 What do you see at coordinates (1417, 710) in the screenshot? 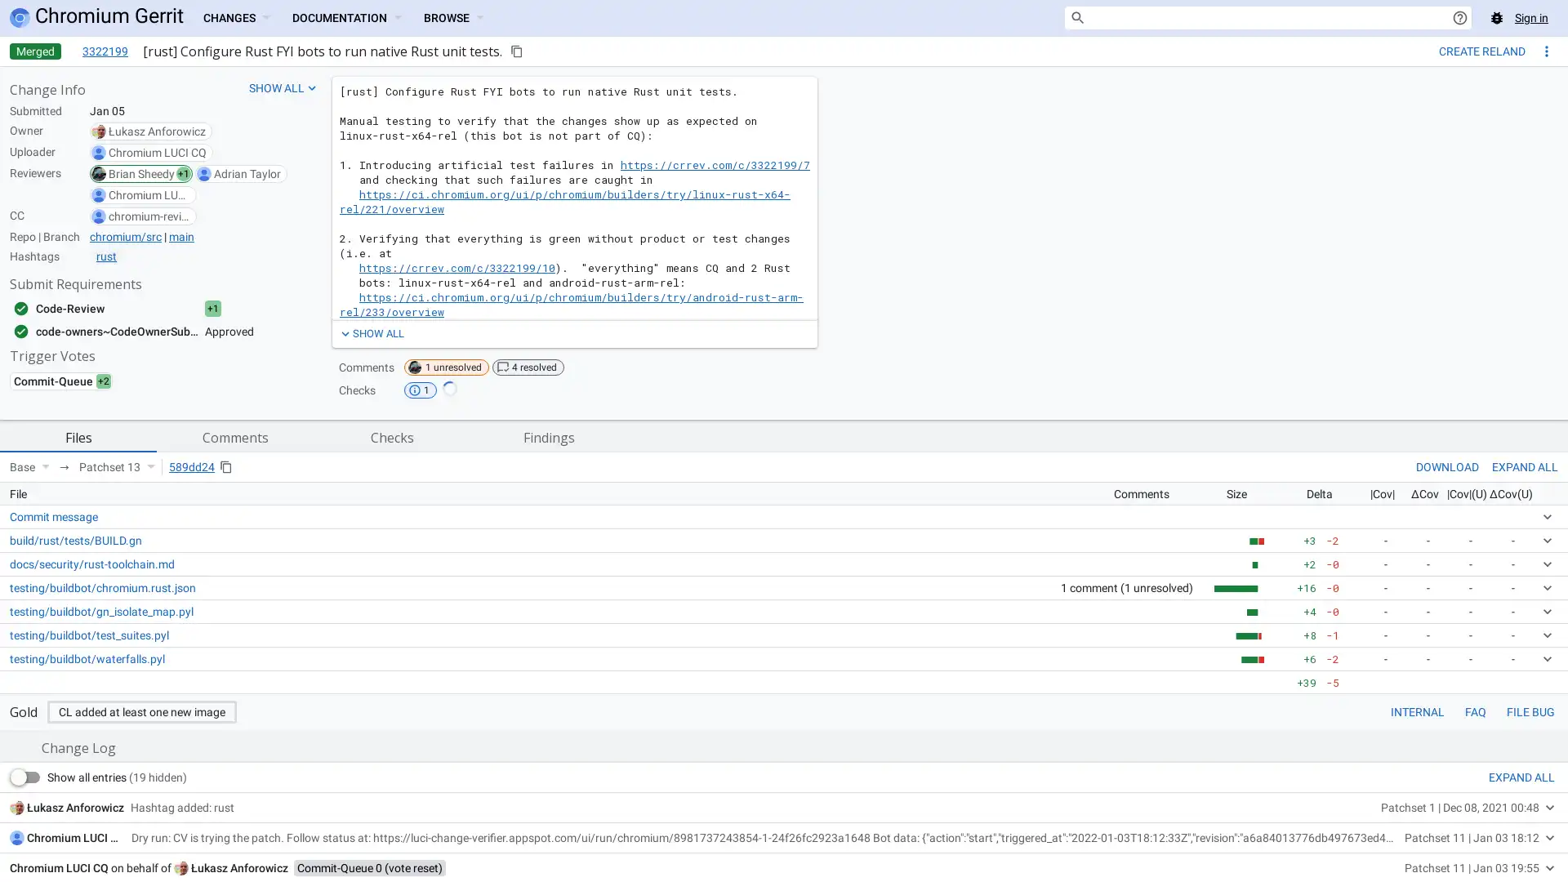
I see `INTERNAL` at bounding box center [1417, 710].